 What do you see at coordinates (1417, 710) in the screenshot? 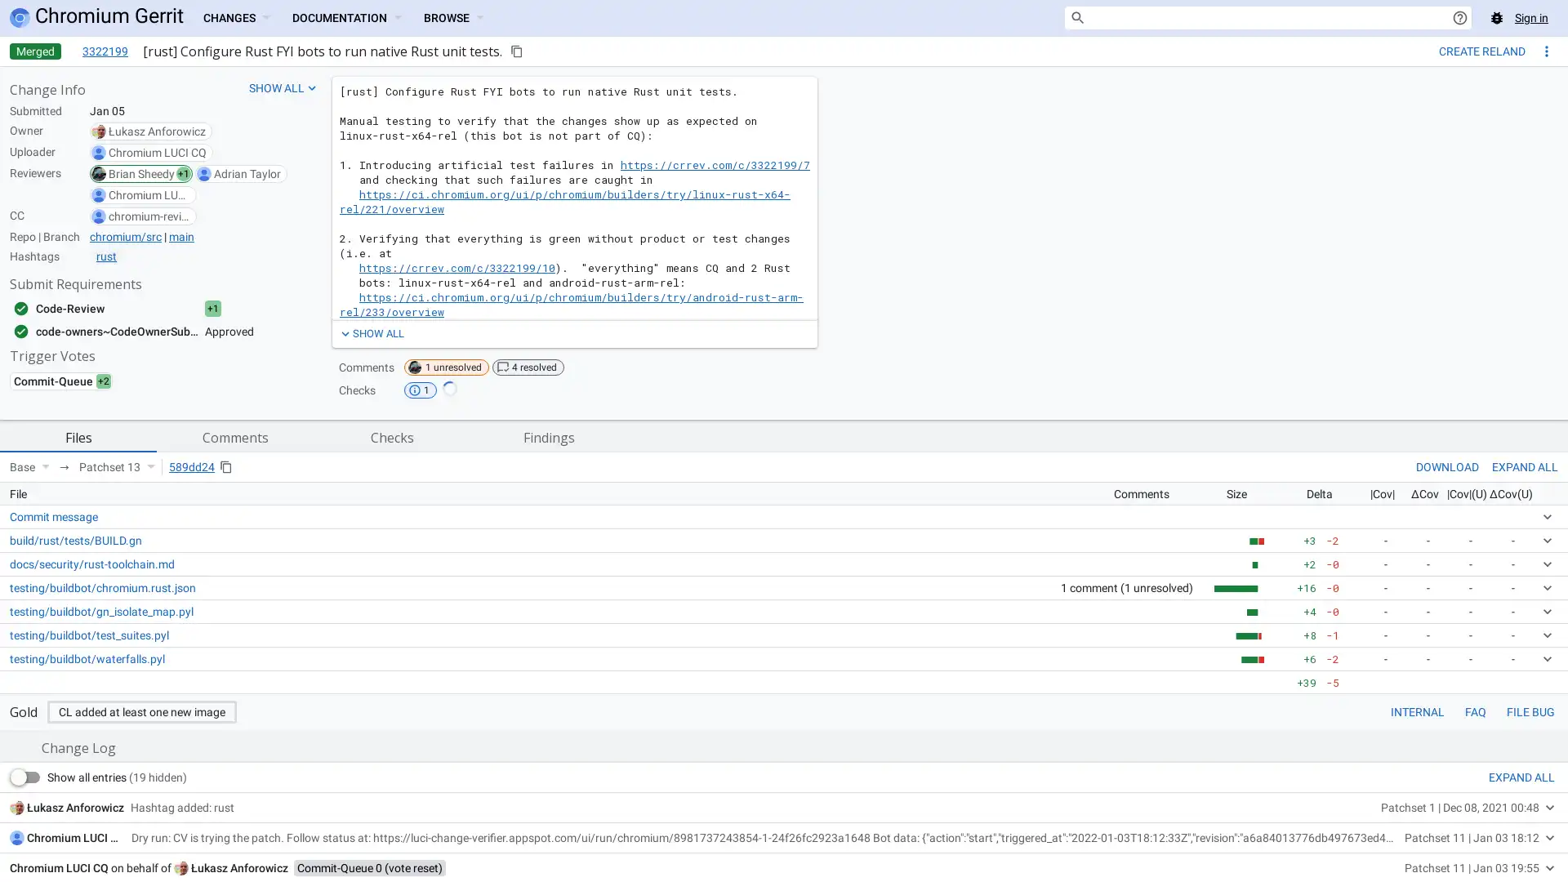
I see `INTERNAL` at bounding box center [1417, 710].